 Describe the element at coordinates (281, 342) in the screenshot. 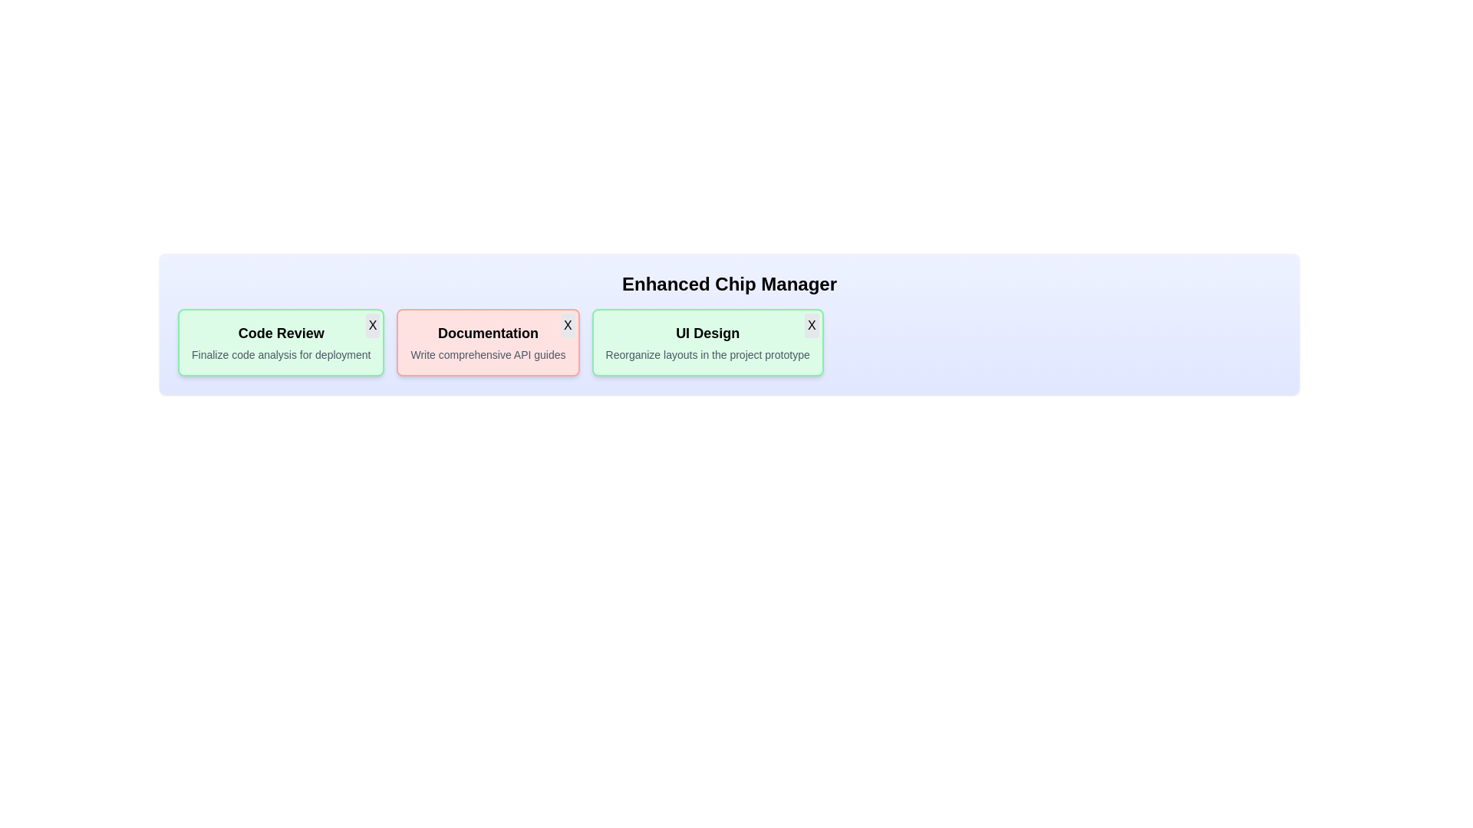

I see `the chip labeled Code Review` at that location.